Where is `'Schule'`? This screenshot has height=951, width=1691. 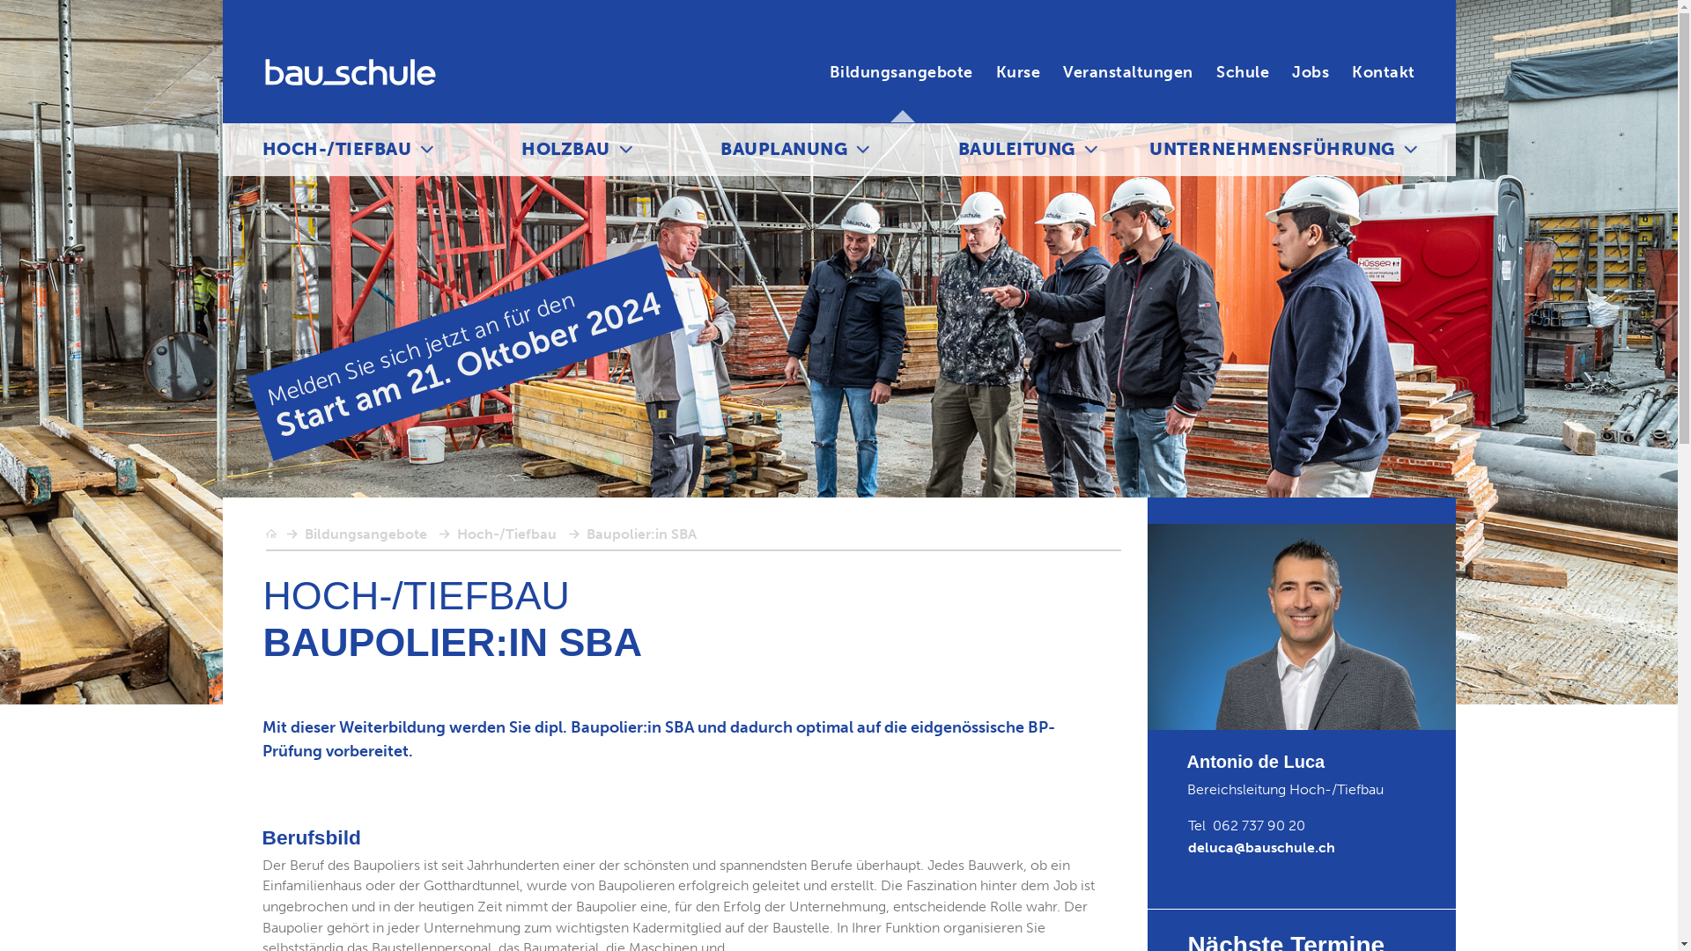
'Schule' is located at coordinates (1242, 71).